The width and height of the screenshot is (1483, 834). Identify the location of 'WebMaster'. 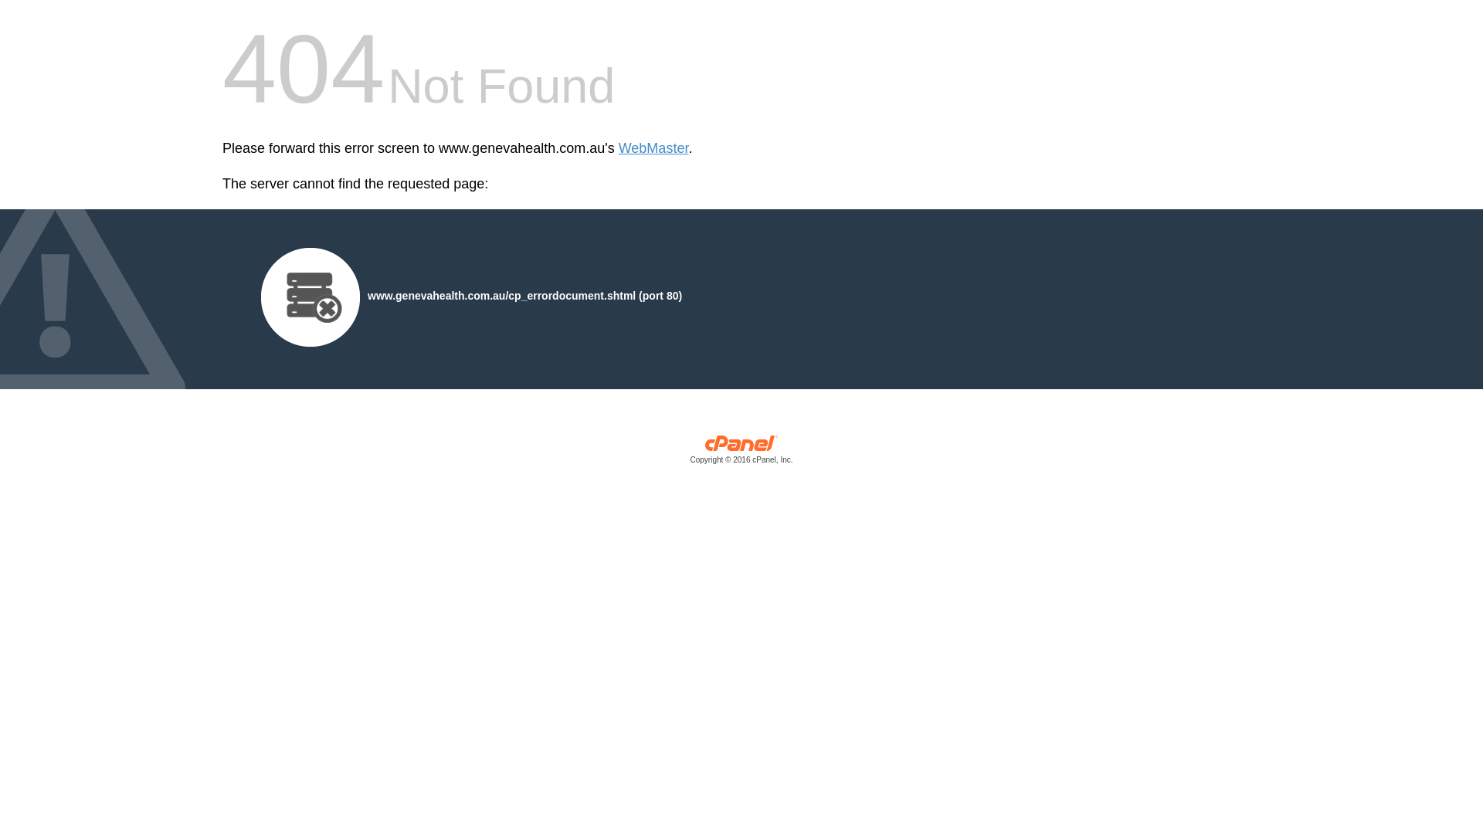
(653, 148).